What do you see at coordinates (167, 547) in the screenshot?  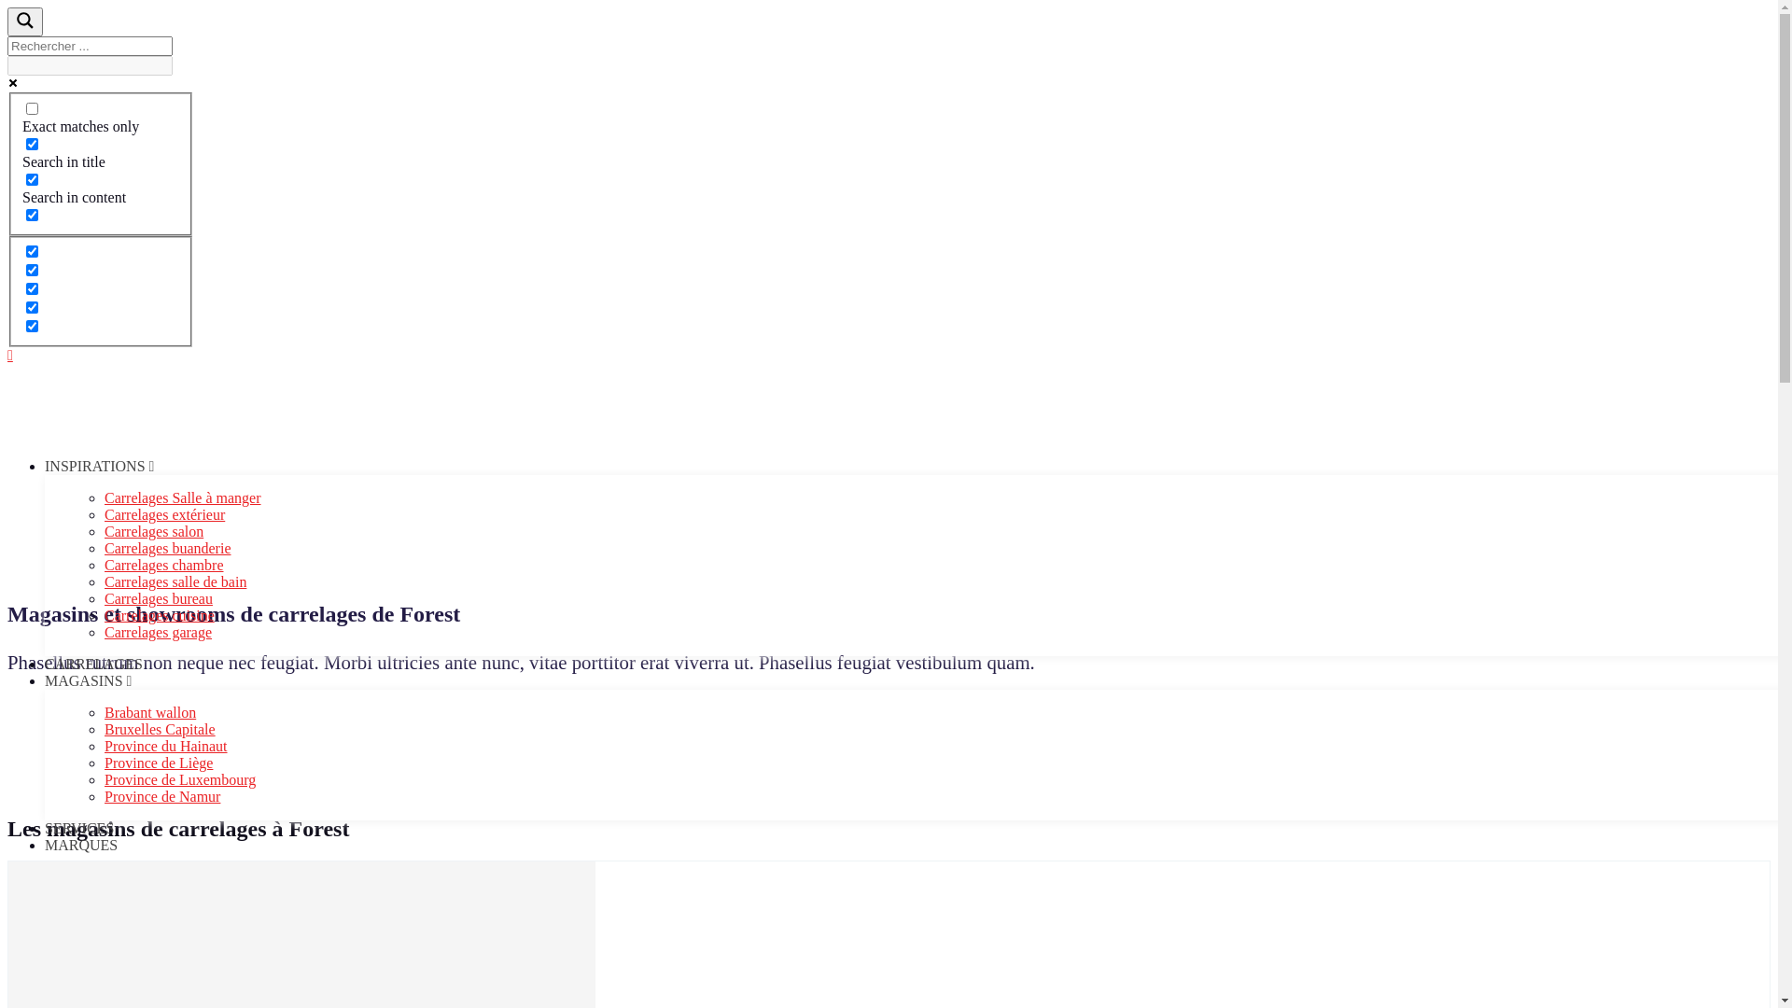 I see `'Carrelages buanderie'` at bounding box center [167, 547].